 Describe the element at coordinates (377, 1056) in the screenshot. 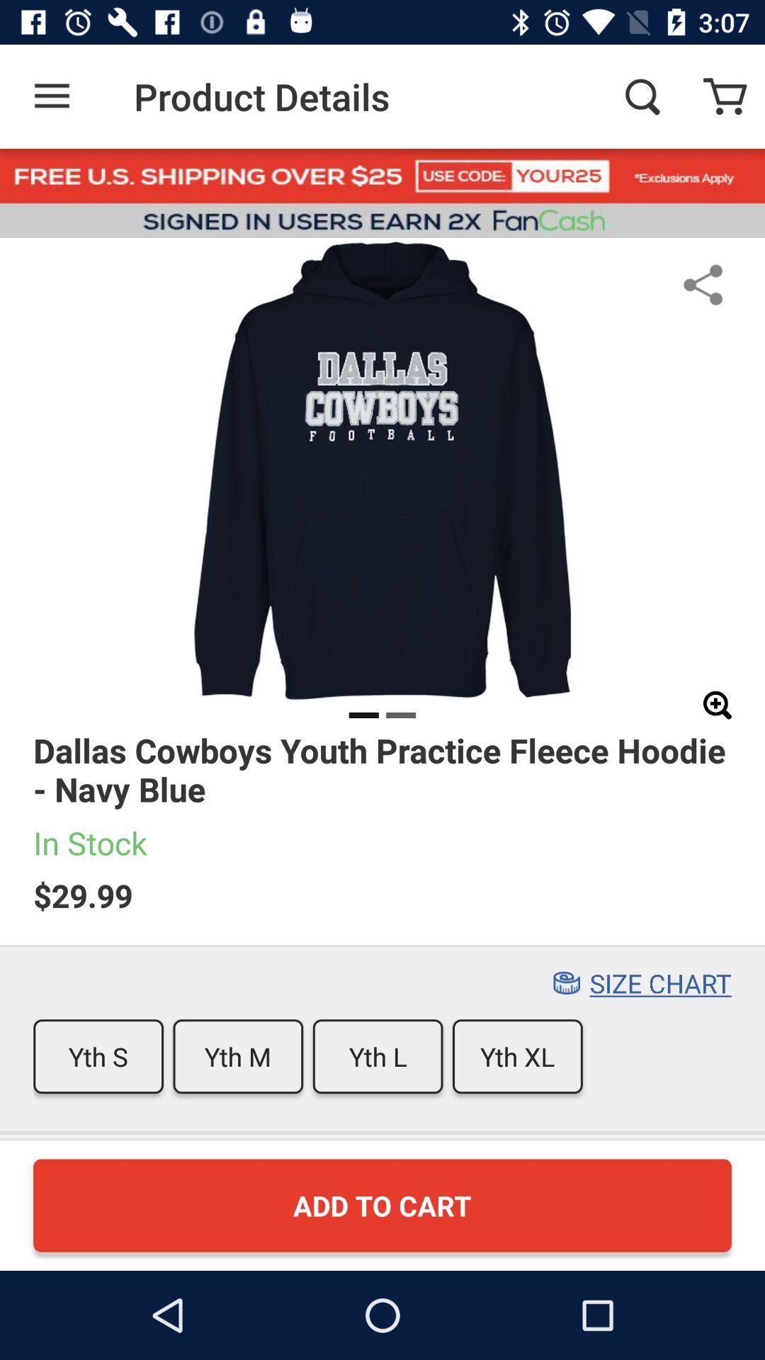

I see `the icon to the right of the yth m icon` at that location.